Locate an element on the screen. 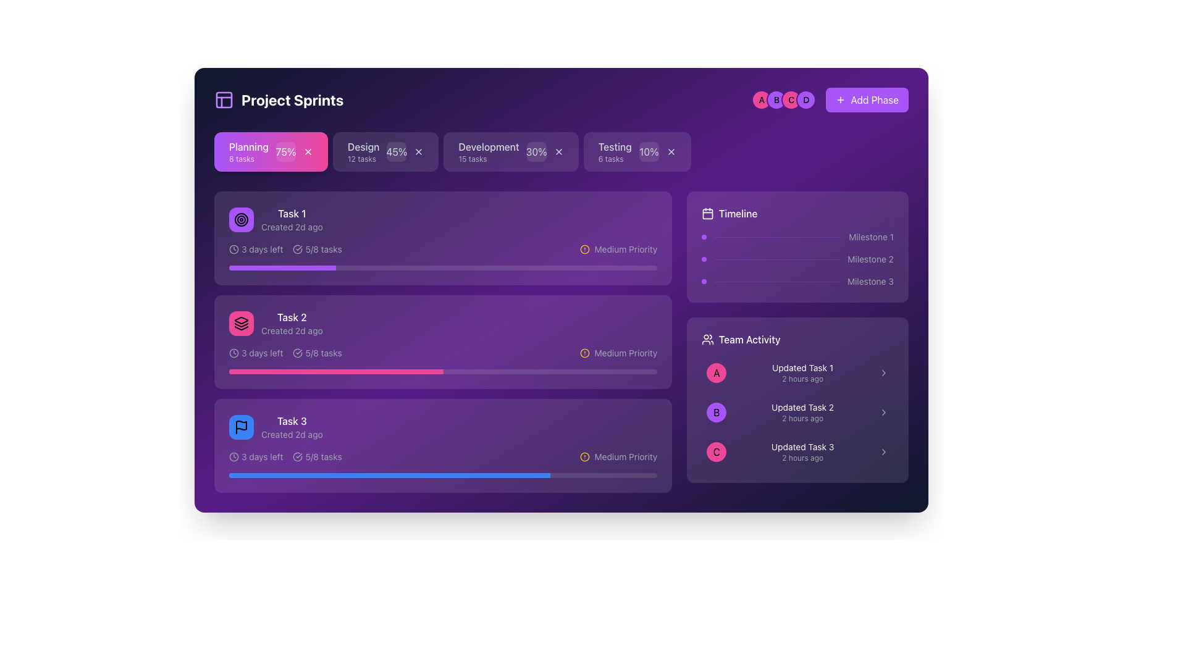 The width and height of the screenshot is (1186, 667). the Circular progress display showing '75%' with a gradient background of purple to pink, located in the 'Planning' section, adjacent to the 'Planning 8 tasks' text and the close icon is located at coordinates (285, 151).